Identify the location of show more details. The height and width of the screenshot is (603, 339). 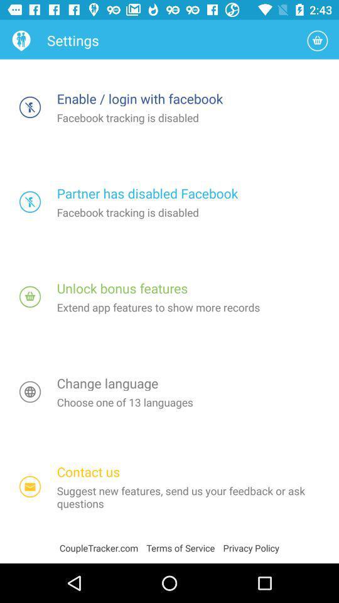
(30, 296).